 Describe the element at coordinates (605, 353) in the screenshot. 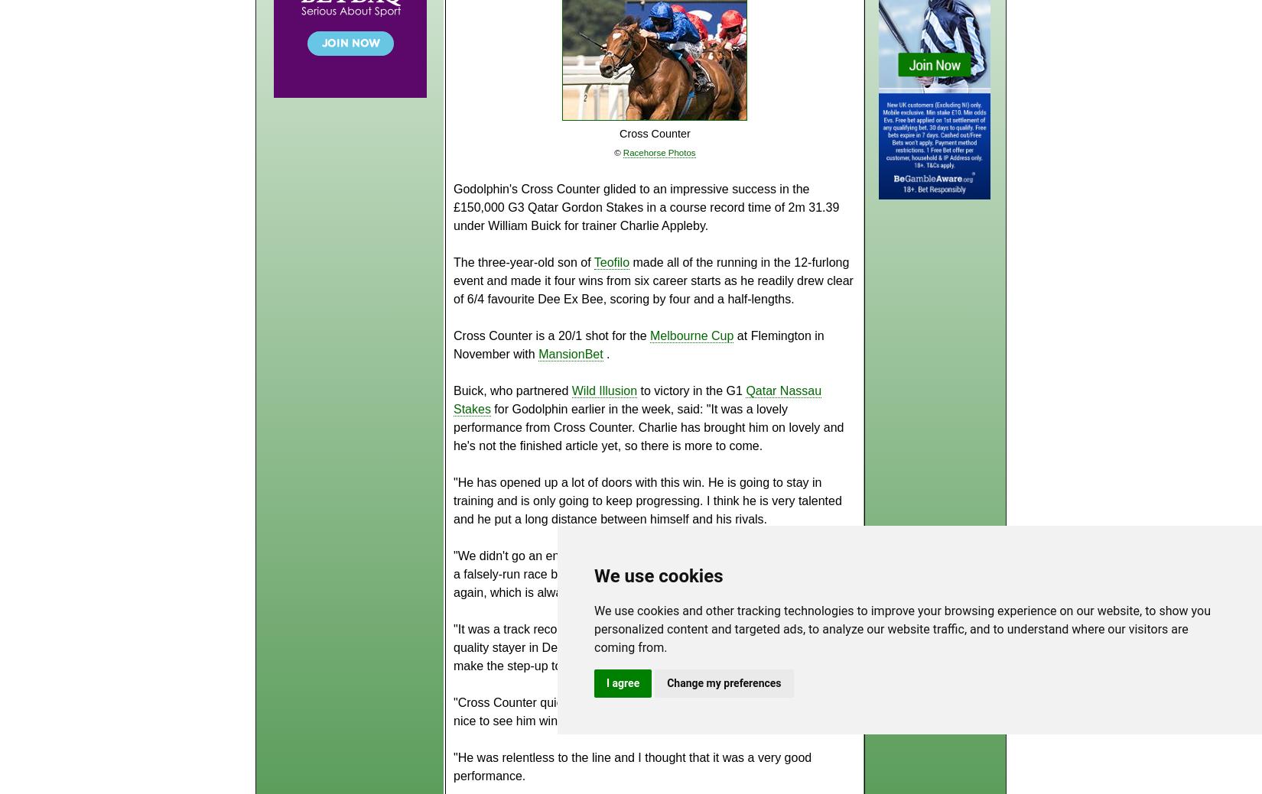

I see `'.'` at that location.